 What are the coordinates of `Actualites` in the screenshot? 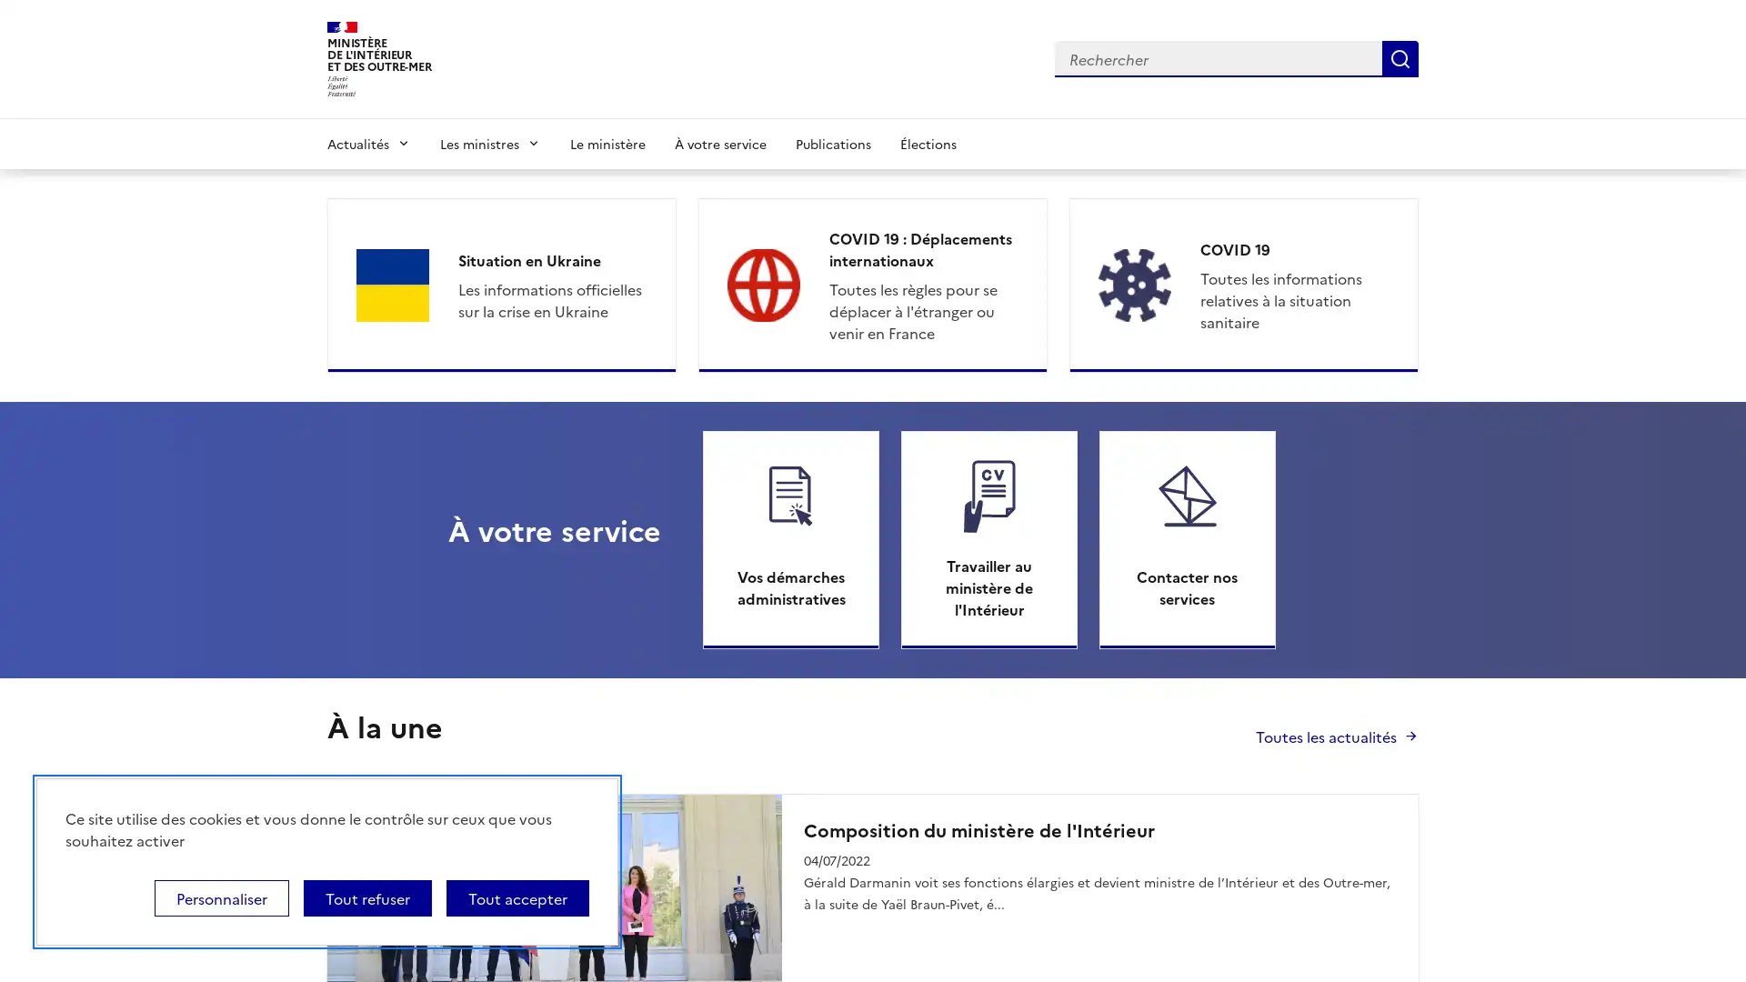 It's located at (368, 142).